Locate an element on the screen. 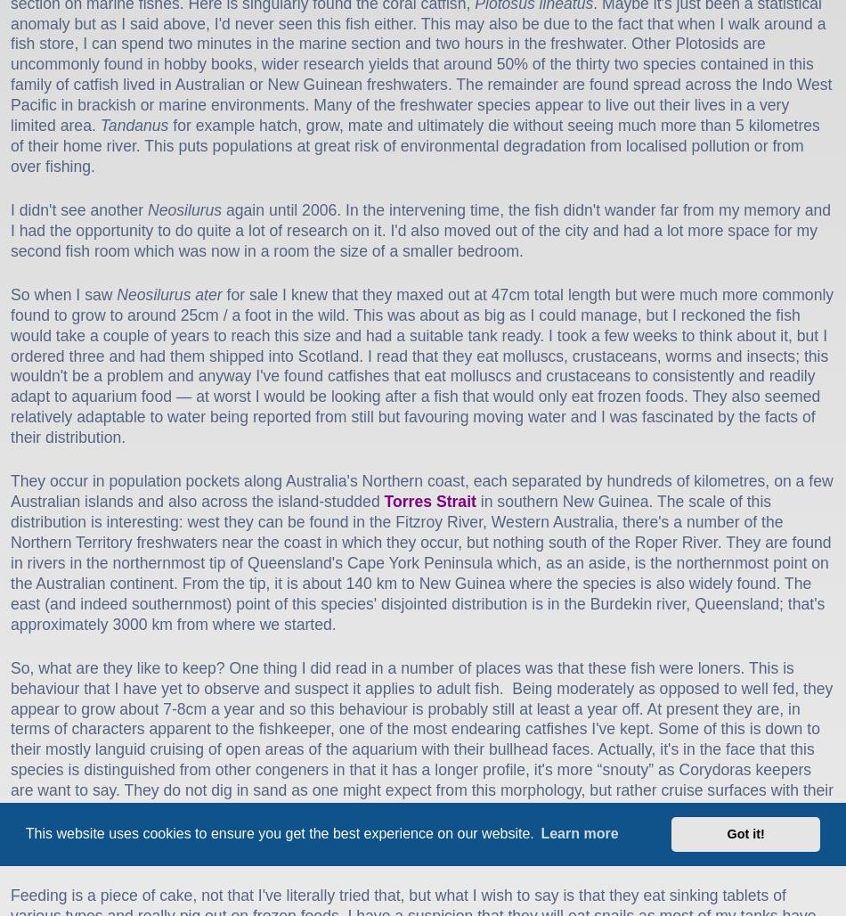 This screenshot has height=916, width=846. 'This website uses cookies to ensure you get the best experience on our website.' is located at coordinates (280, 833).